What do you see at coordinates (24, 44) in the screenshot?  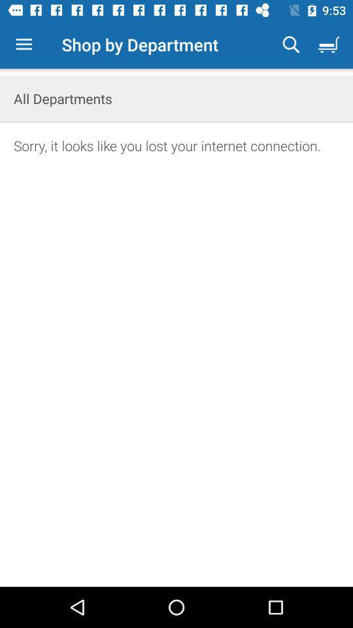 I see `icon next to shop by department icon` at bounding box center [24, 44].